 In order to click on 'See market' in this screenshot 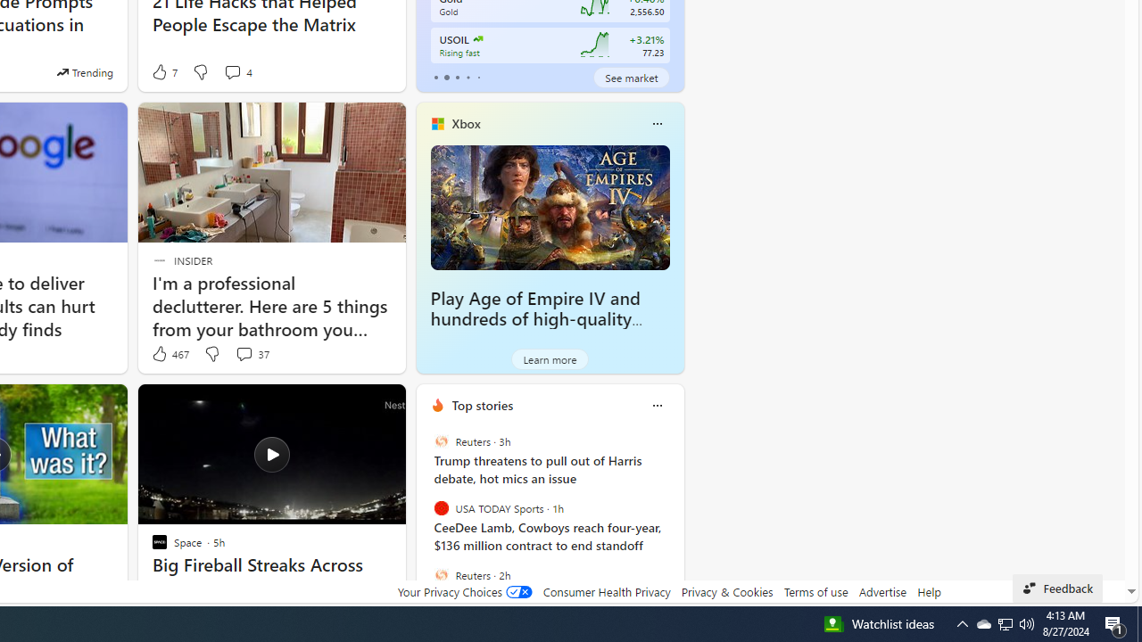, I will do `click(632, 77)`.